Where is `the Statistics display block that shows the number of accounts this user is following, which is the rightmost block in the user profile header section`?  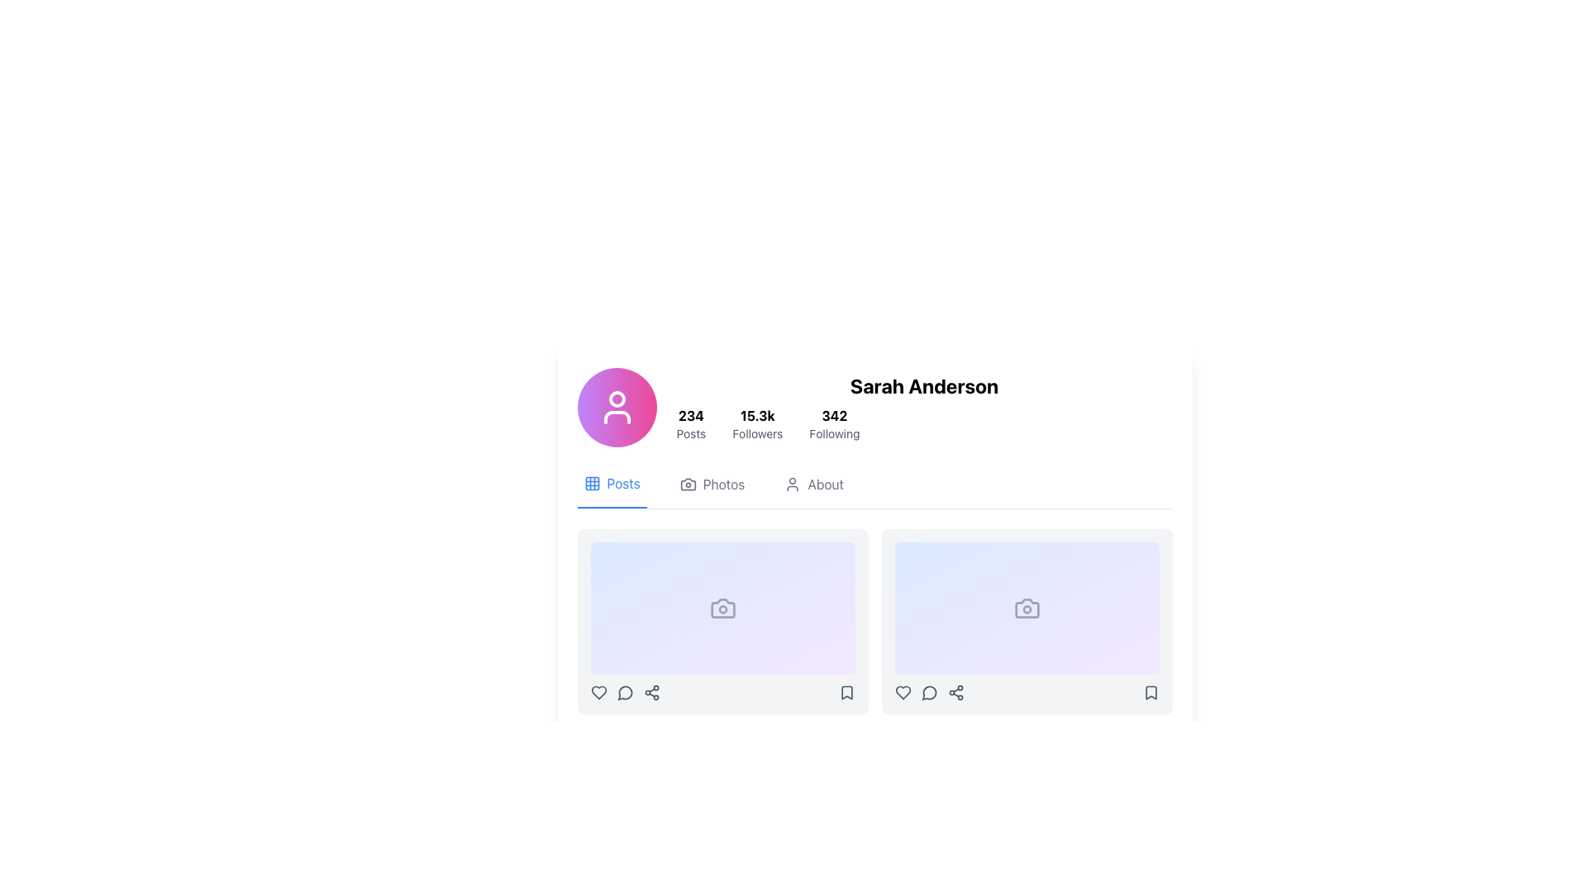
the Statistics display block that shows the number of accounts this user is following, which is the rightmost block in the user profile header section is located at coordinates (834, 423).